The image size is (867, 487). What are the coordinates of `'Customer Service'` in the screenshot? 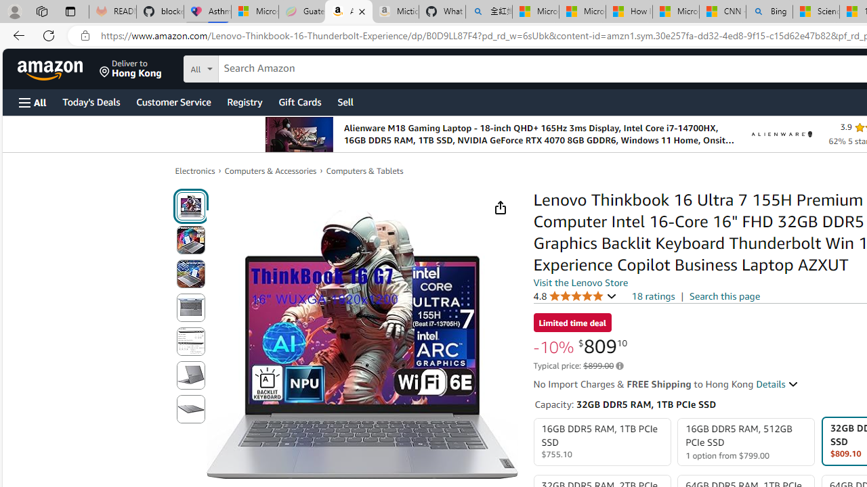 It's located at (173, 101).